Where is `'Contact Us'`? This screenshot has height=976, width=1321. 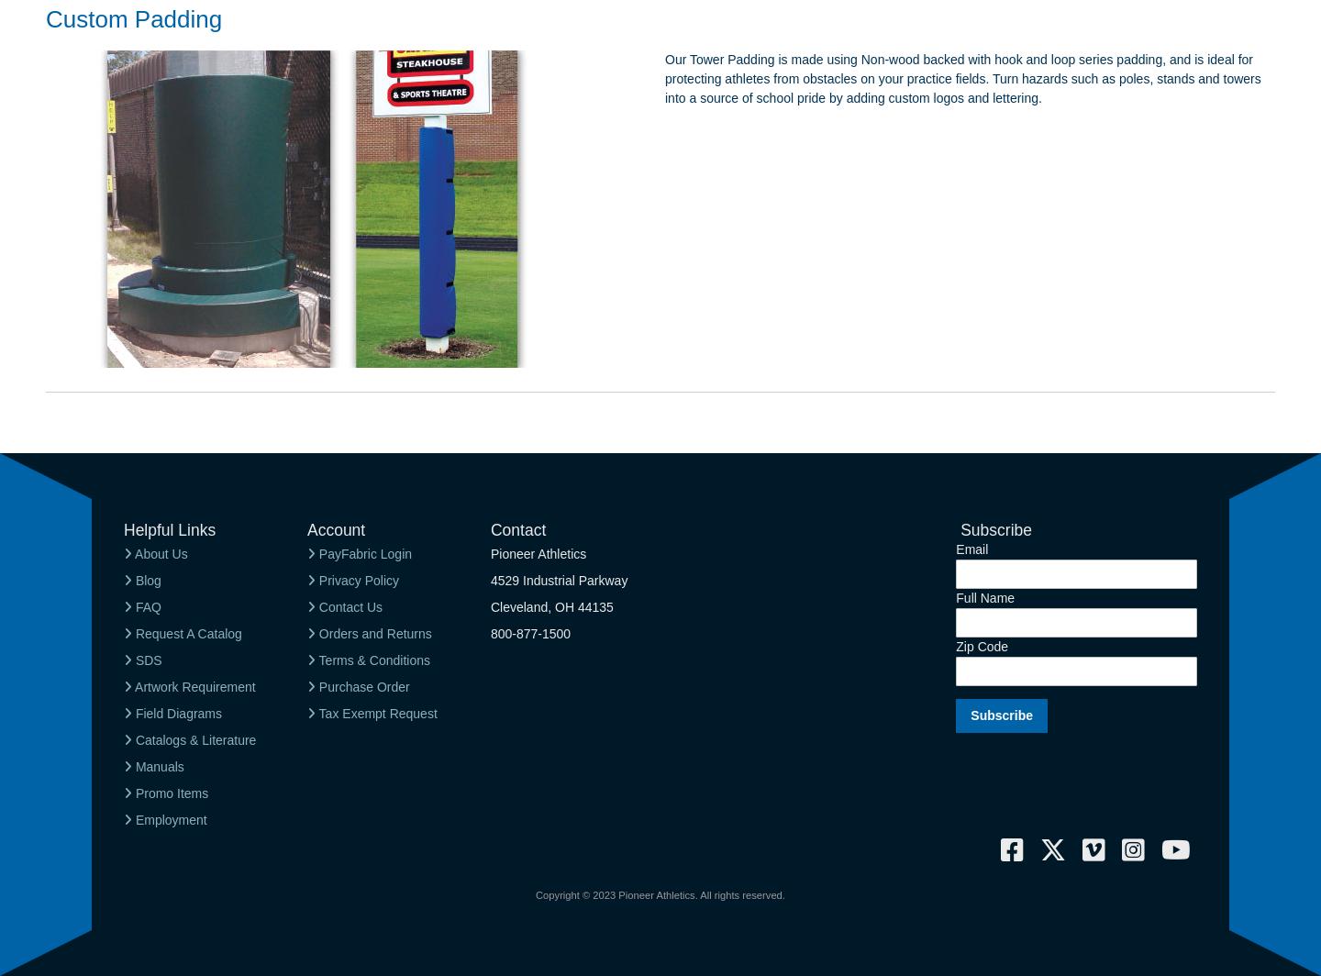 'Contact Us' is located at coordinates (315, 605).